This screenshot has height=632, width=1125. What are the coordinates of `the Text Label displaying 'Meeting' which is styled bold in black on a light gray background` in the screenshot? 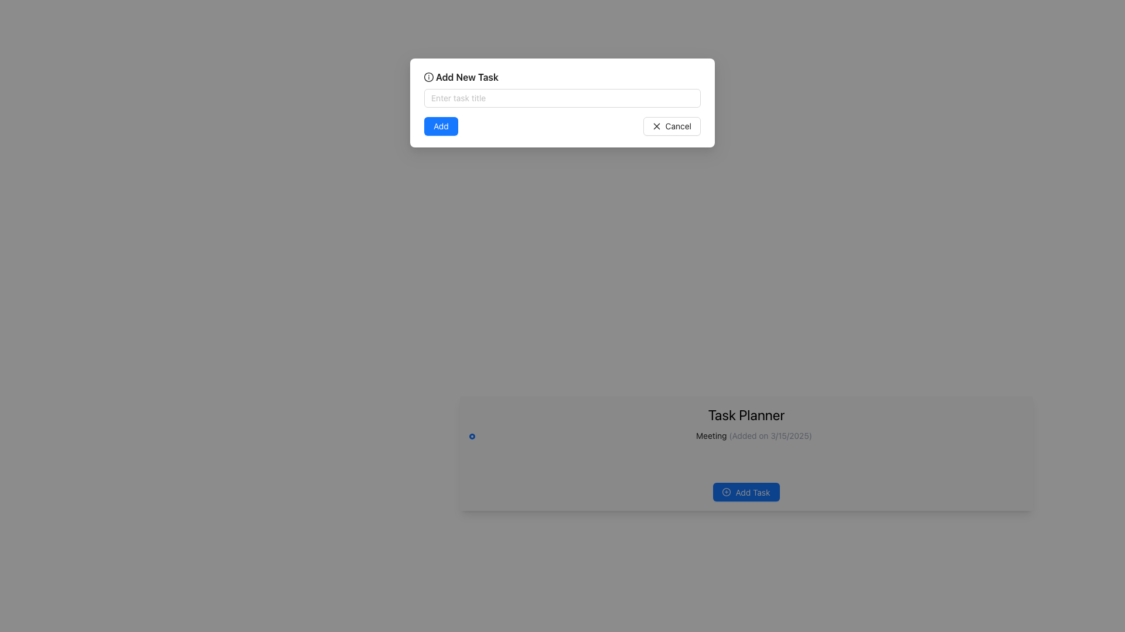 It's located at (711, 435).